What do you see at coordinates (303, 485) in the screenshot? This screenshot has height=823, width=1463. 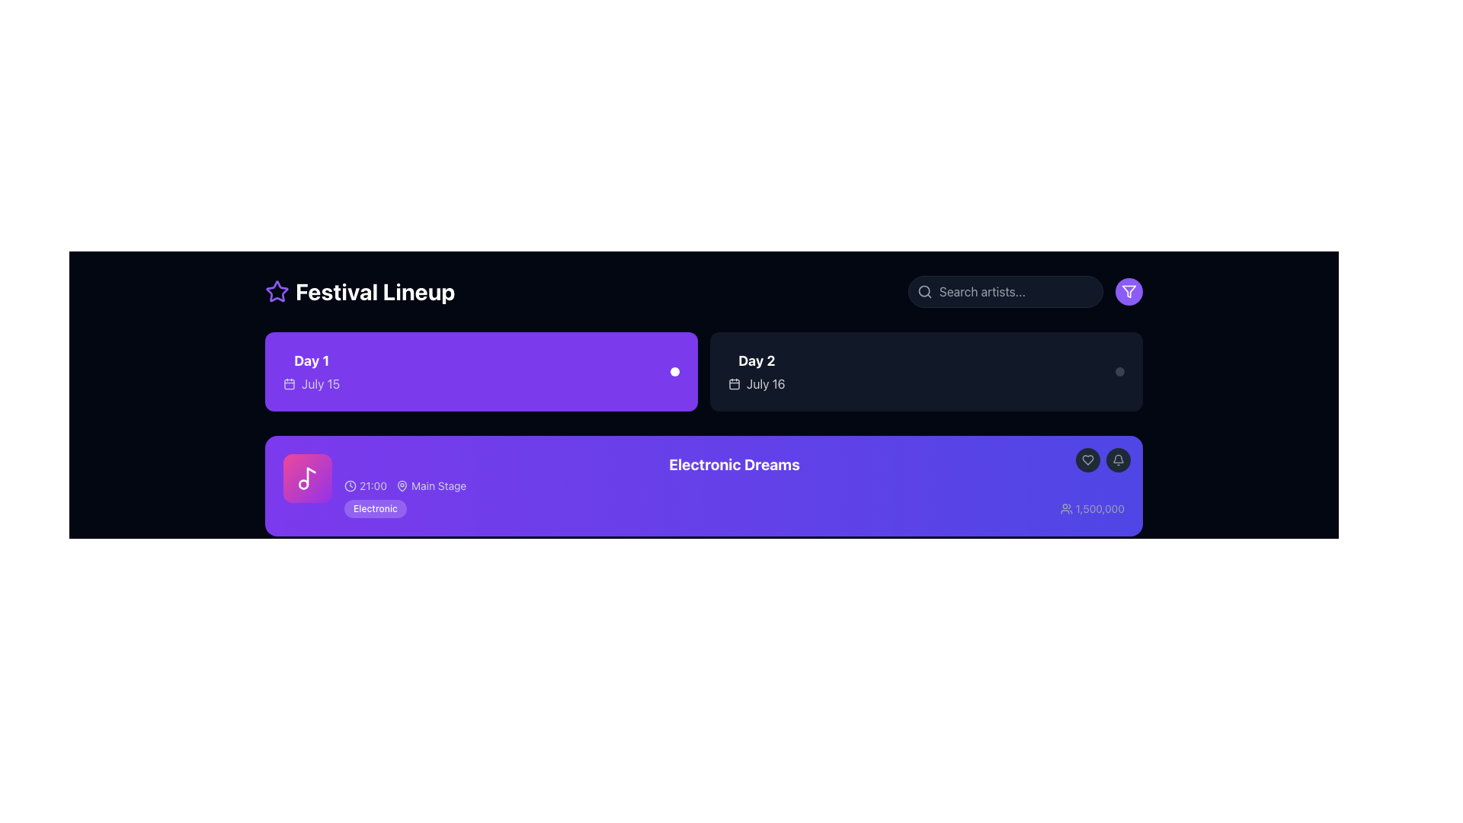 I see `the small filled circle icon located in the bottom-left quadrant of the larger music-related icon, which features a musical note` at bounding box center [303, 485].